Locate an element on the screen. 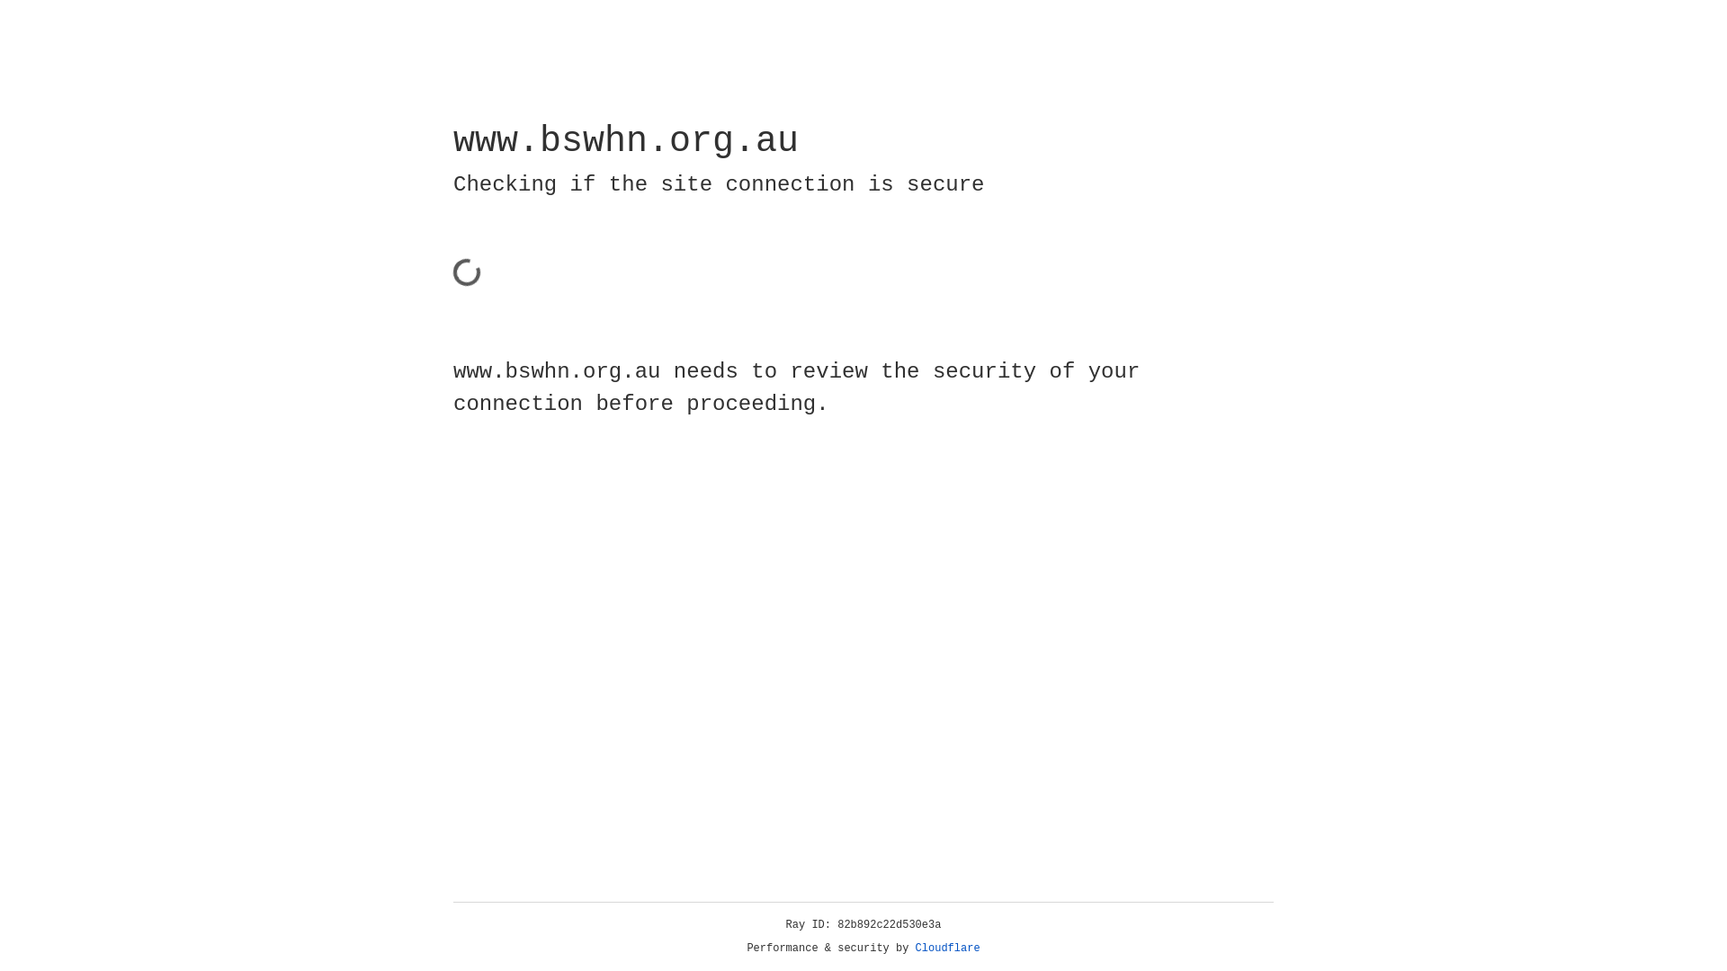  'Cloudflare' is located at coordinates (947, 948).